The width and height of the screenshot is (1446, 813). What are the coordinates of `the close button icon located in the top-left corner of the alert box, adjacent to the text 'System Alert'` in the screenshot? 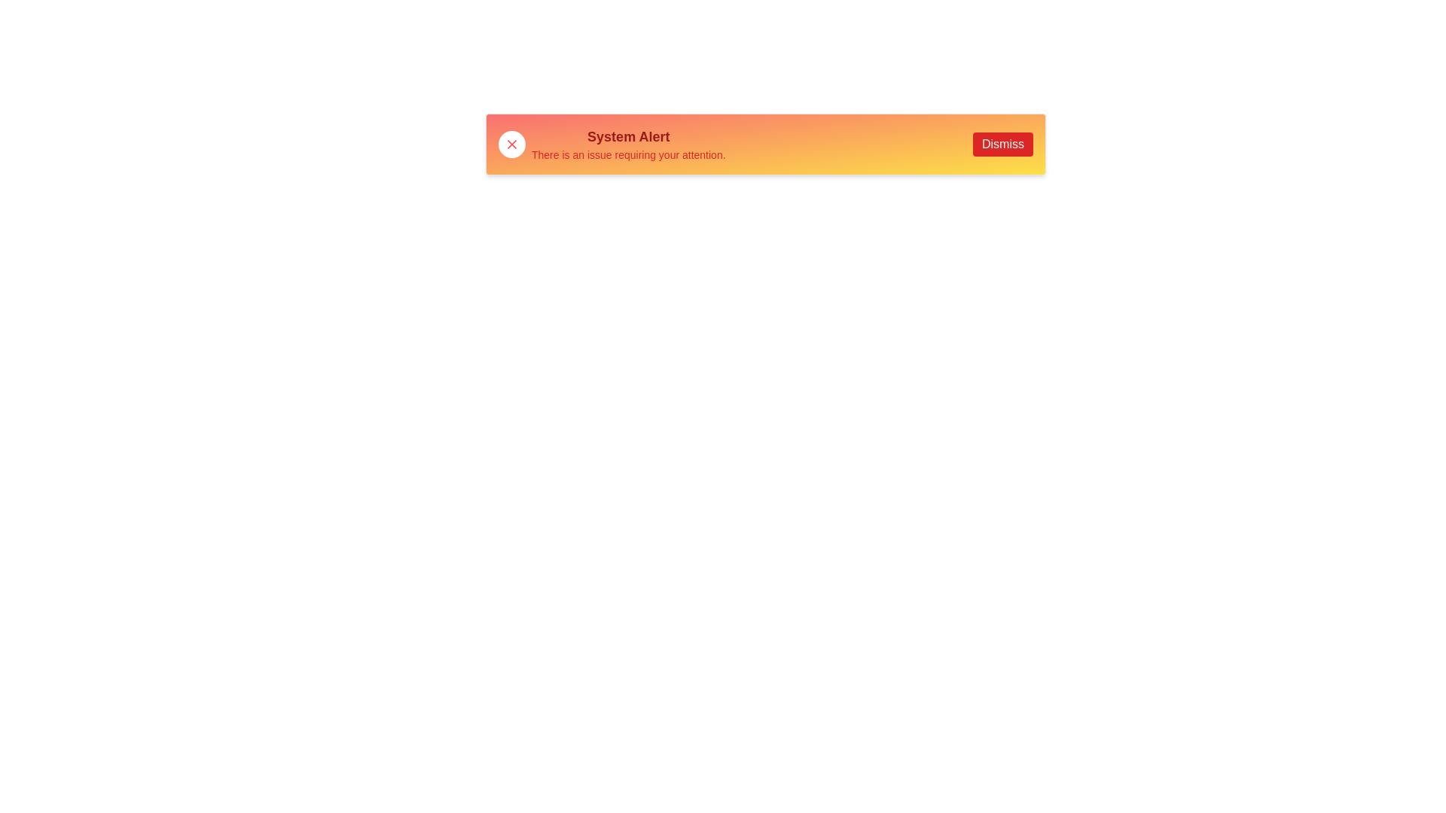 It's located at (512, 145).